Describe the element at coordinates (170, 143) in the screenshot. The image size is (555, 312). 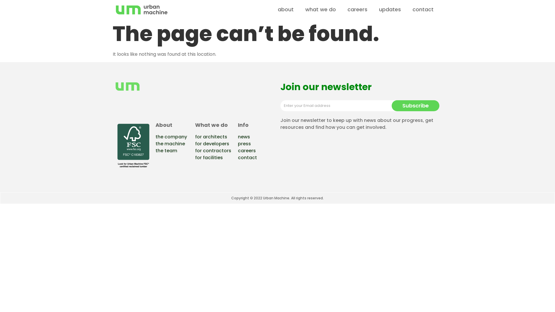
I see `'the machine'` at that location.